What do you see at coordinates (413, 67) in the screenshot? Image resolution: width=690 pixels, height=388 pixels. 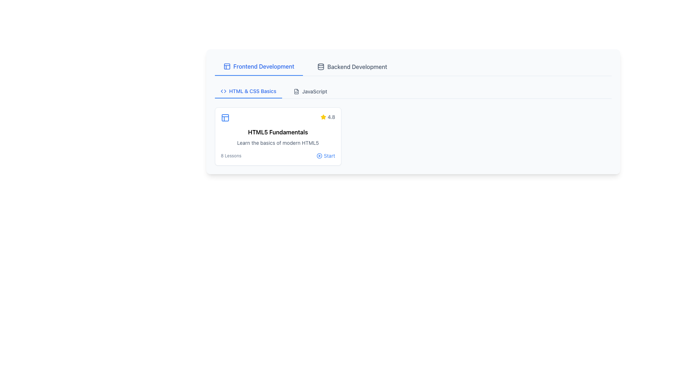 I see `the Tab Navigation Bar located at the top of the card` at bounding box center [413, 67].